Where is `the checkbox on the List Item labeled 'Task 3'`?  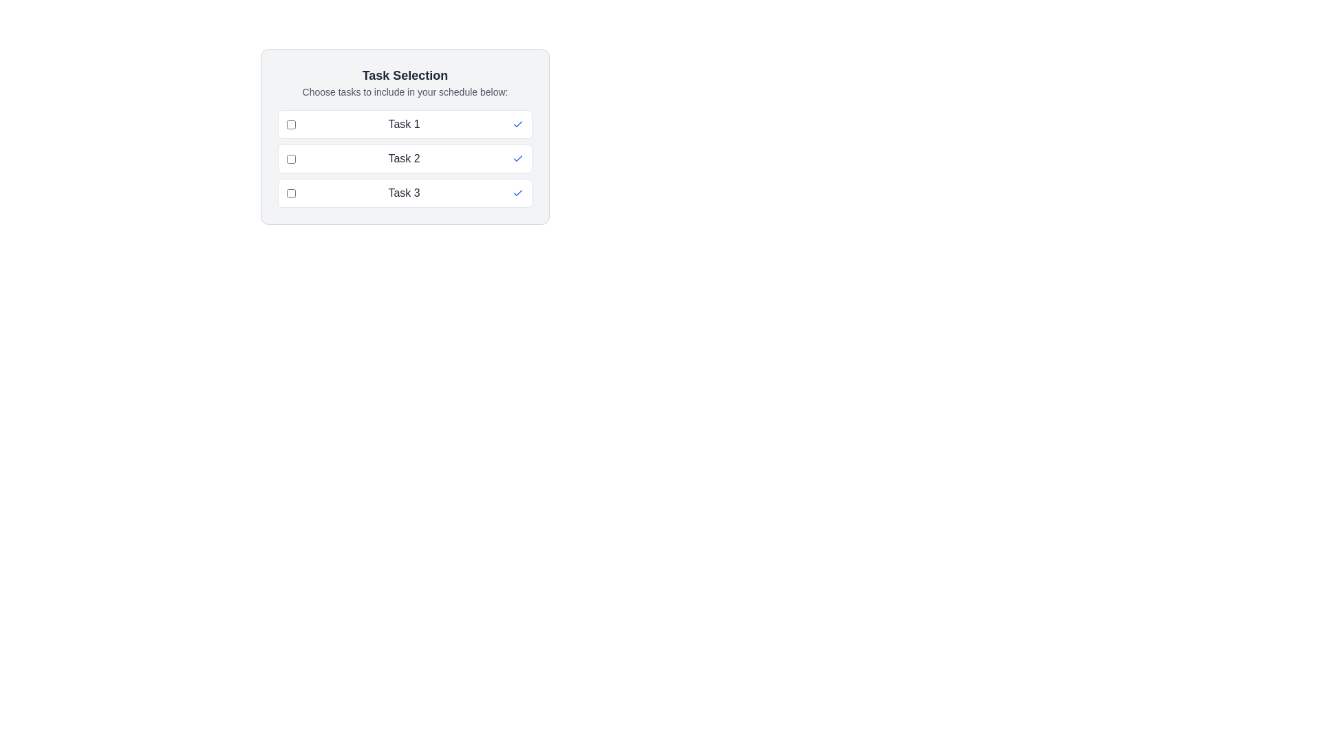
the checkbox on the List Item labeled 'Task 3' is located at coordinates (405, 193).